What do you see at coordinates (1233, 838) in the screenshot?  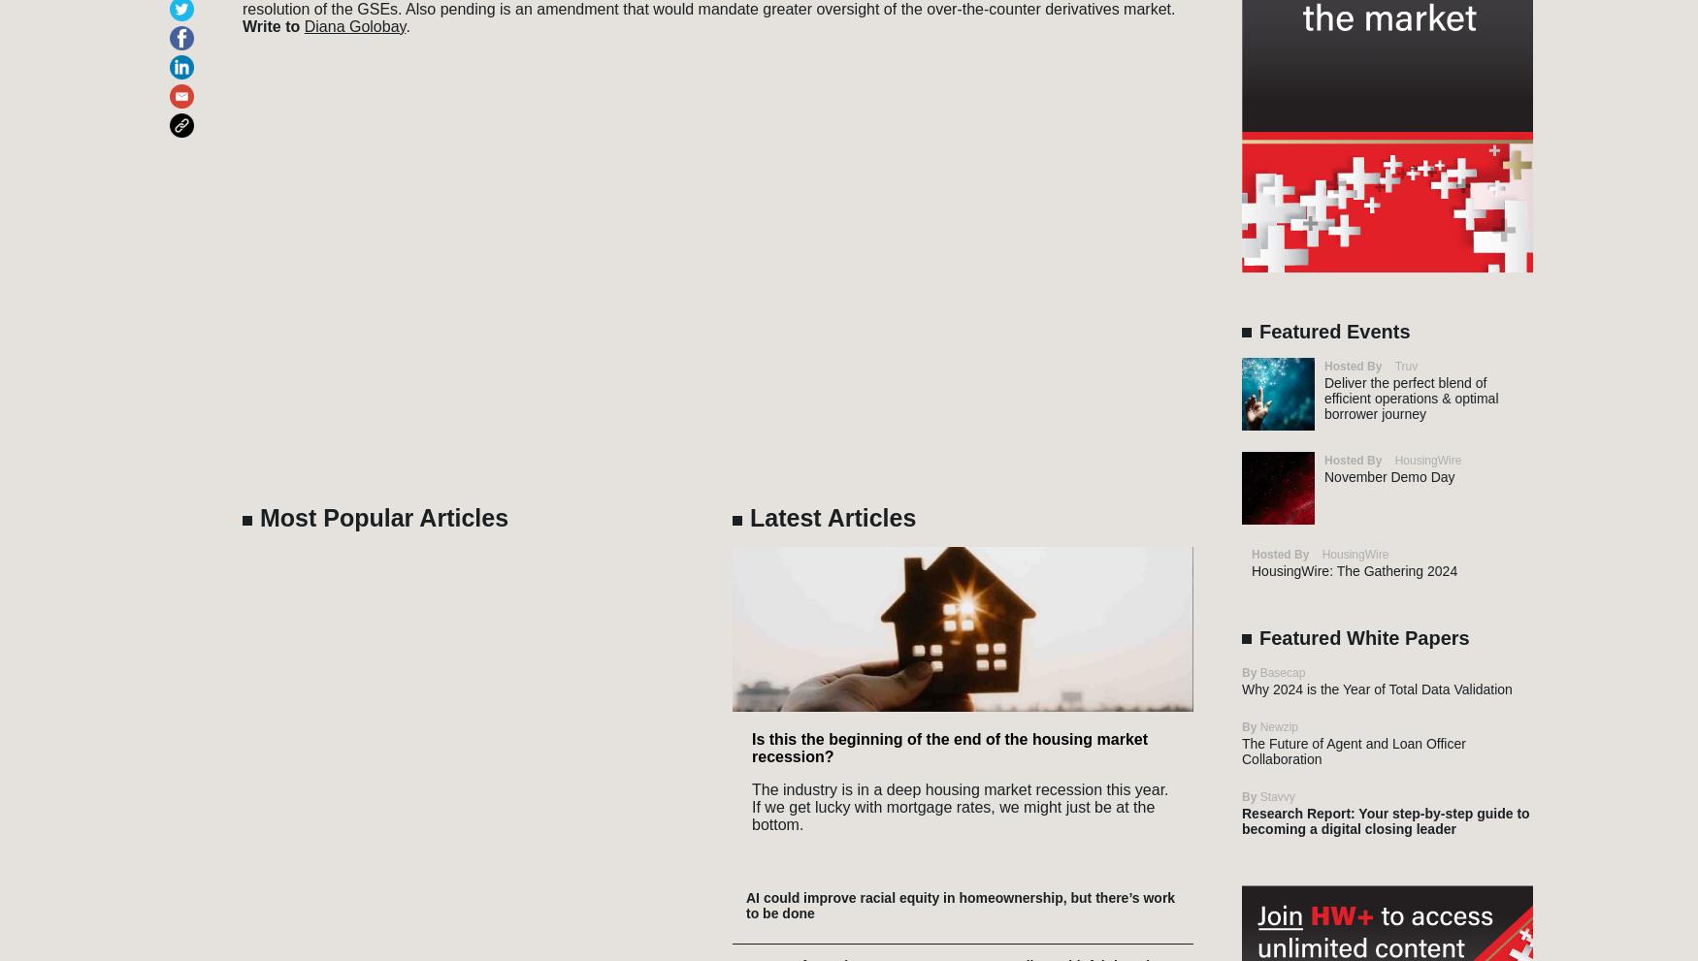 I see `'Licensing & Reprints'` at bounding box center [1233, 838].